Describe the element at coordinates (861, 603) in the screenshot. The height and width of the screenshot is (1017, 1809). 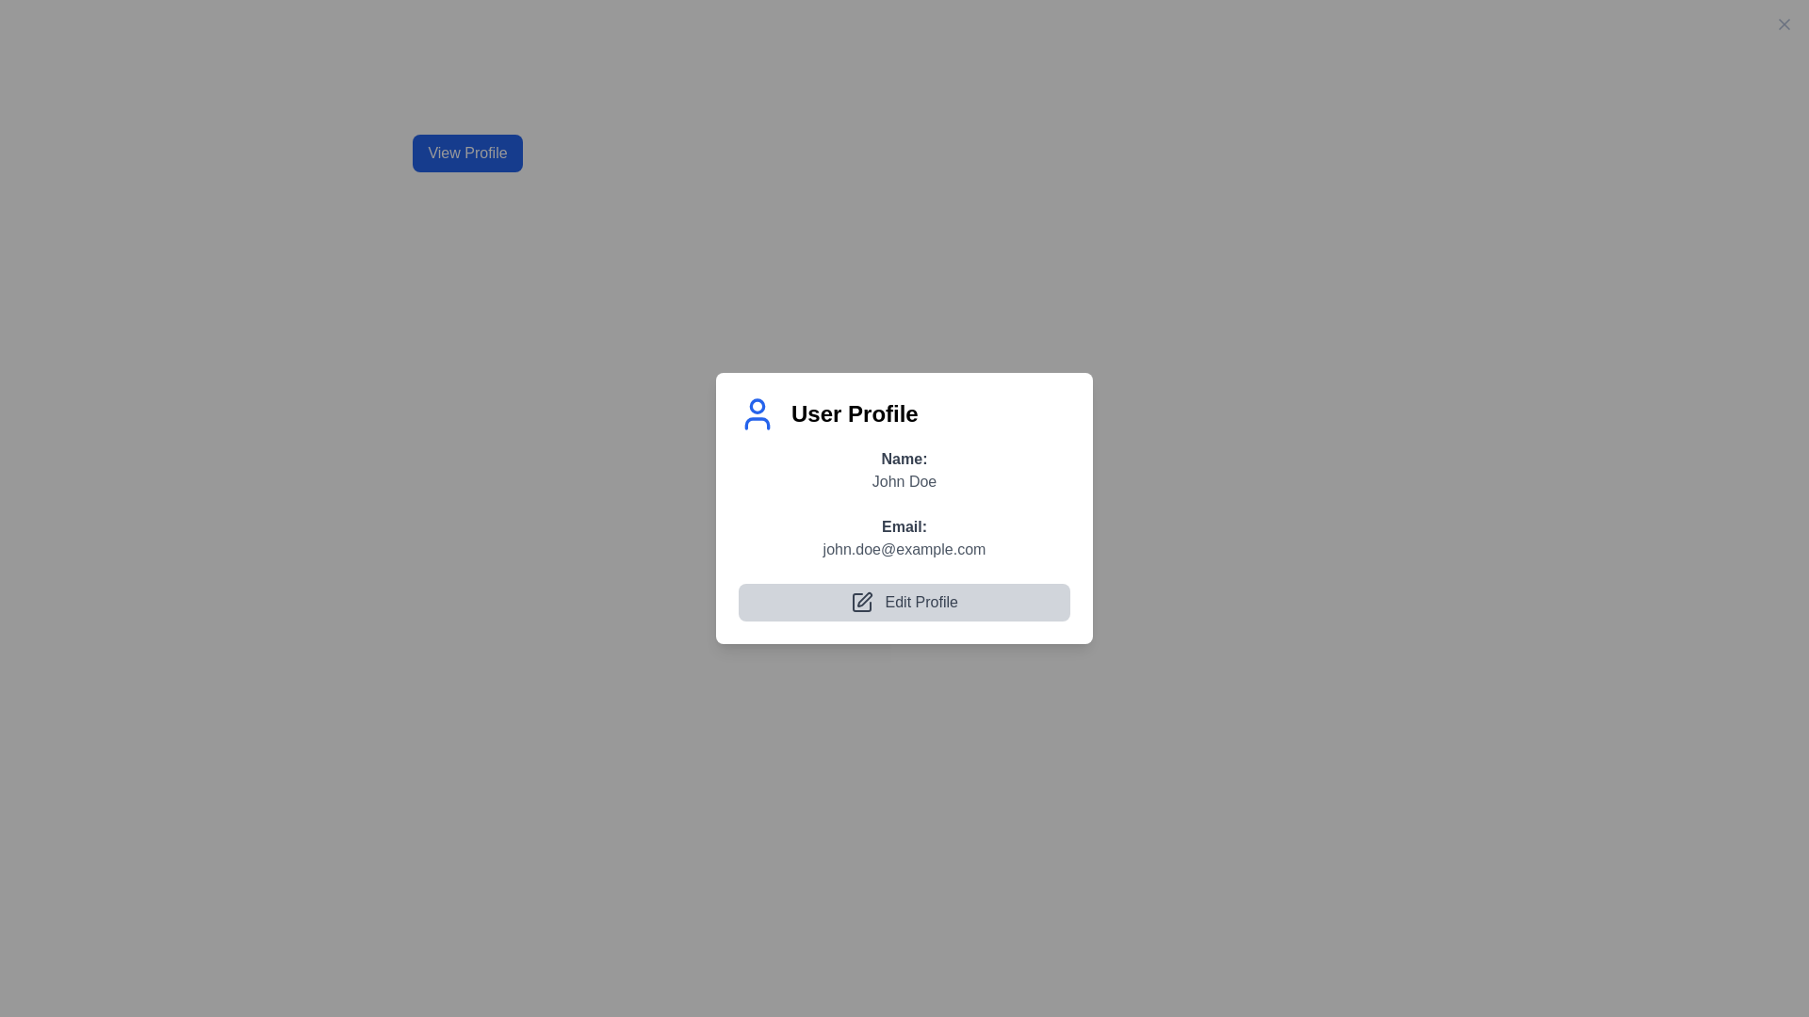
I see `the square shape element of the pen icon that represents an editing function, located directly to the left of the 'Edit Profile' button` at that location.